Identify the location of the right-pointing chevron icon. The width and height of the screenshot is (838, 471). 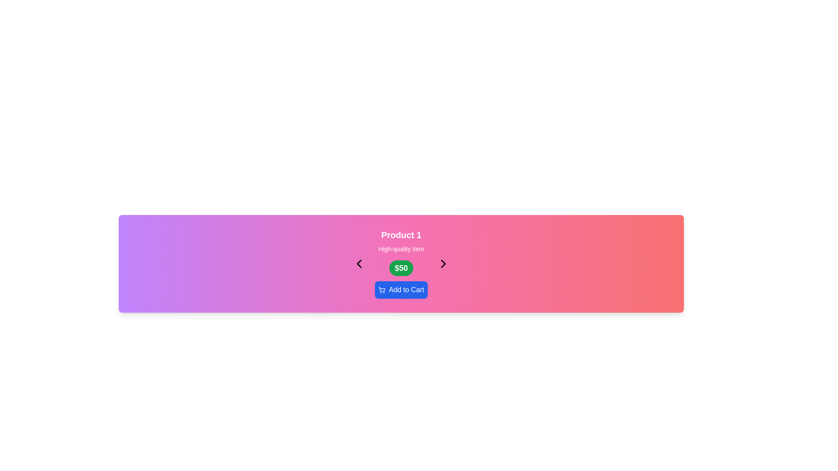
(443, 263).